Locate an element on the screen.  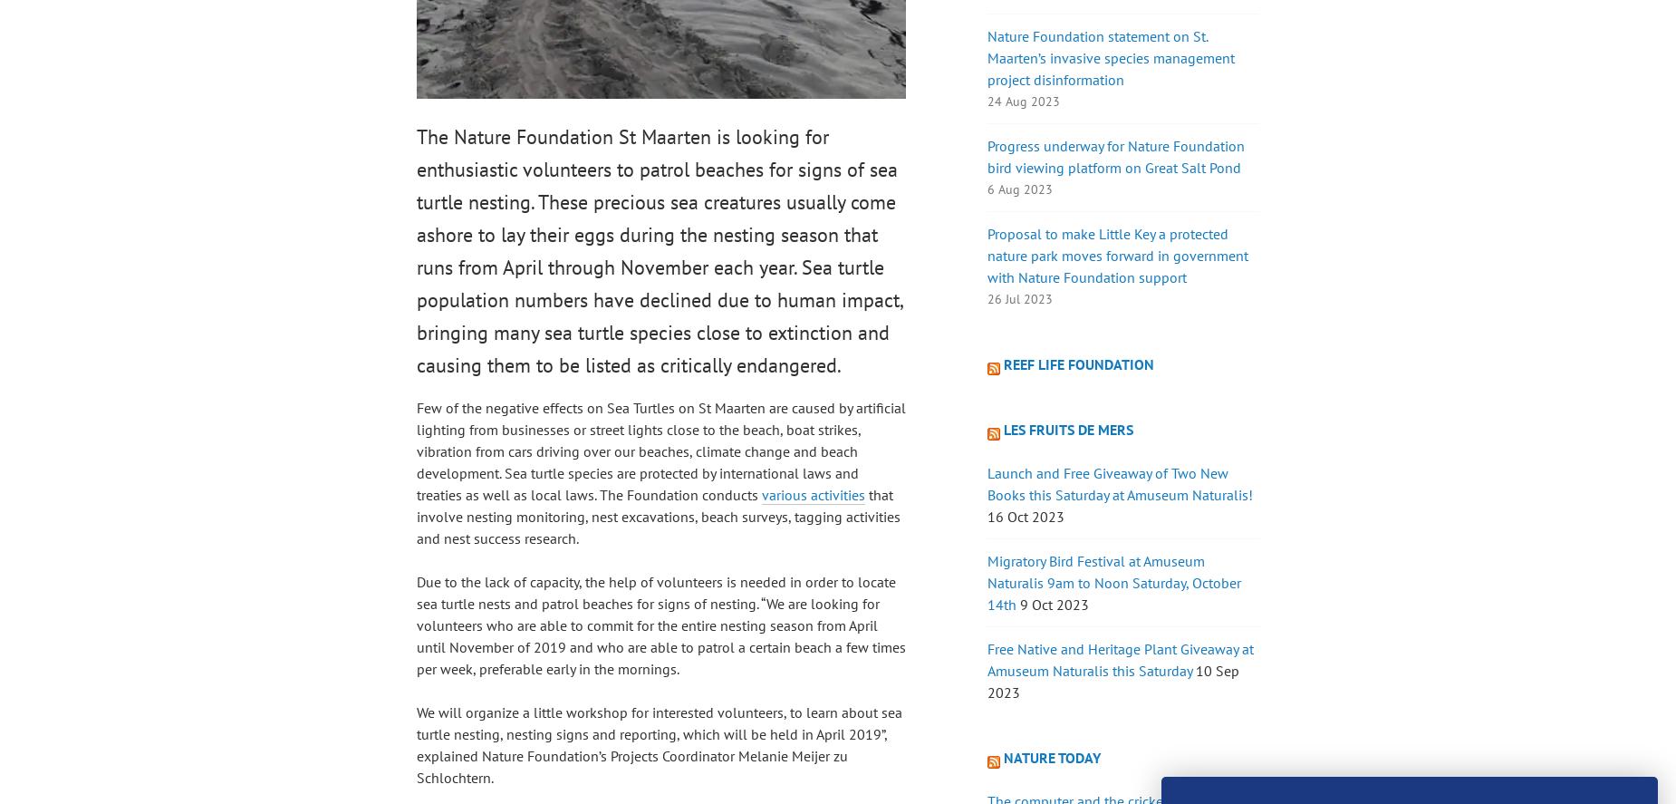
'Les Fruits de Mers' is located at coordinates (1067, 429).